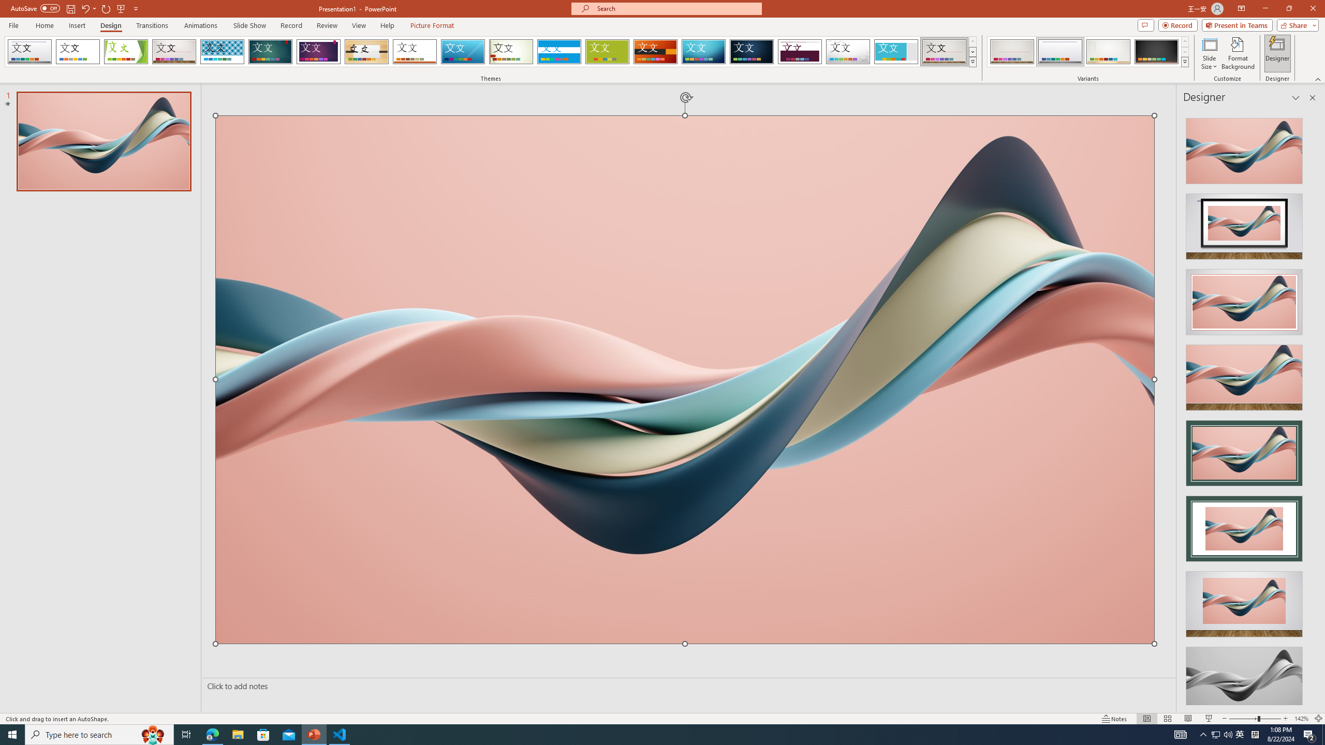  I want to click on 'Gallery Variant 2', so click(1059, 51).